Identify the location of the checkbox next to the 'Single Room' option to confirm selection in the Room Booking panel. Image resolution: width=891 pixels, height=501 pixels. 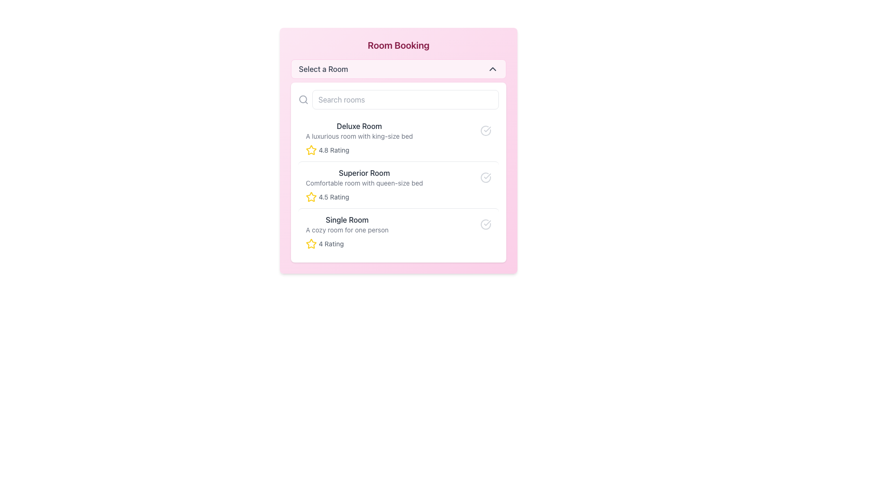
(399, 224).